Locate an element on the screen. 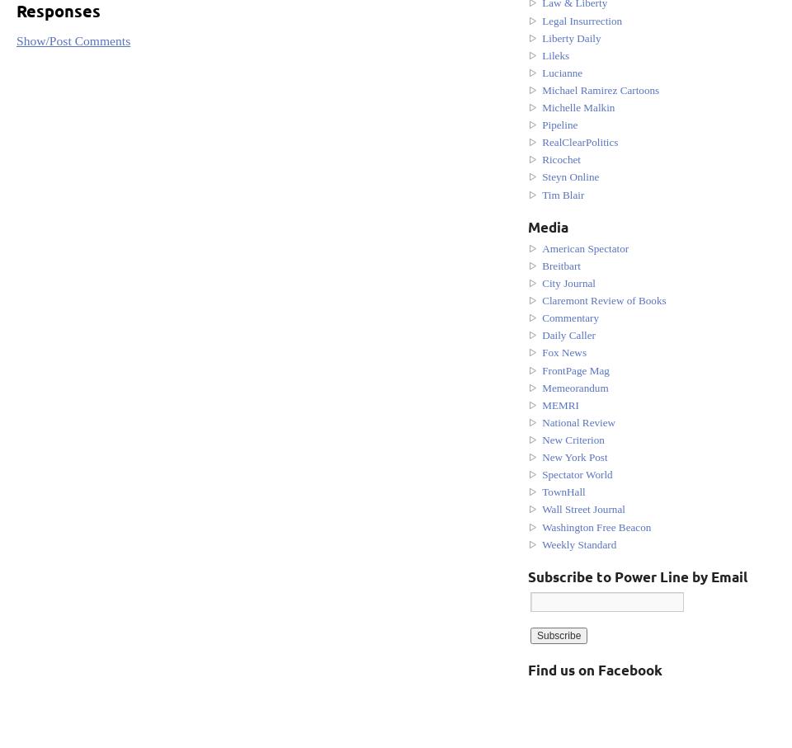 The image size is (792, 748). 'MEMRI' is located at coordinates (560, 404).